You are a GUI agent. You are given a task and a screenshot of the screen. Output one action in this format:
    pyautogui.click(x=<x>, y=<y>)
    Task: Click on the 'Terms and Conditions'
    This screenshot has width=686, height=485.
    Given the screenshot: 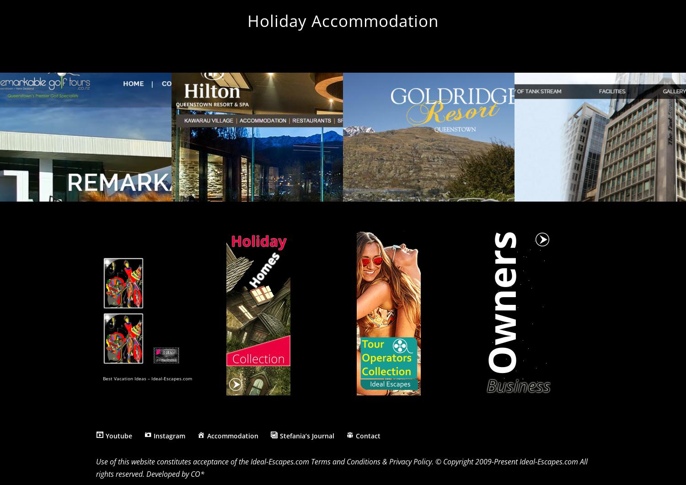 What is the action you would take?
    pyautogui.click(x=346, y=461)
    